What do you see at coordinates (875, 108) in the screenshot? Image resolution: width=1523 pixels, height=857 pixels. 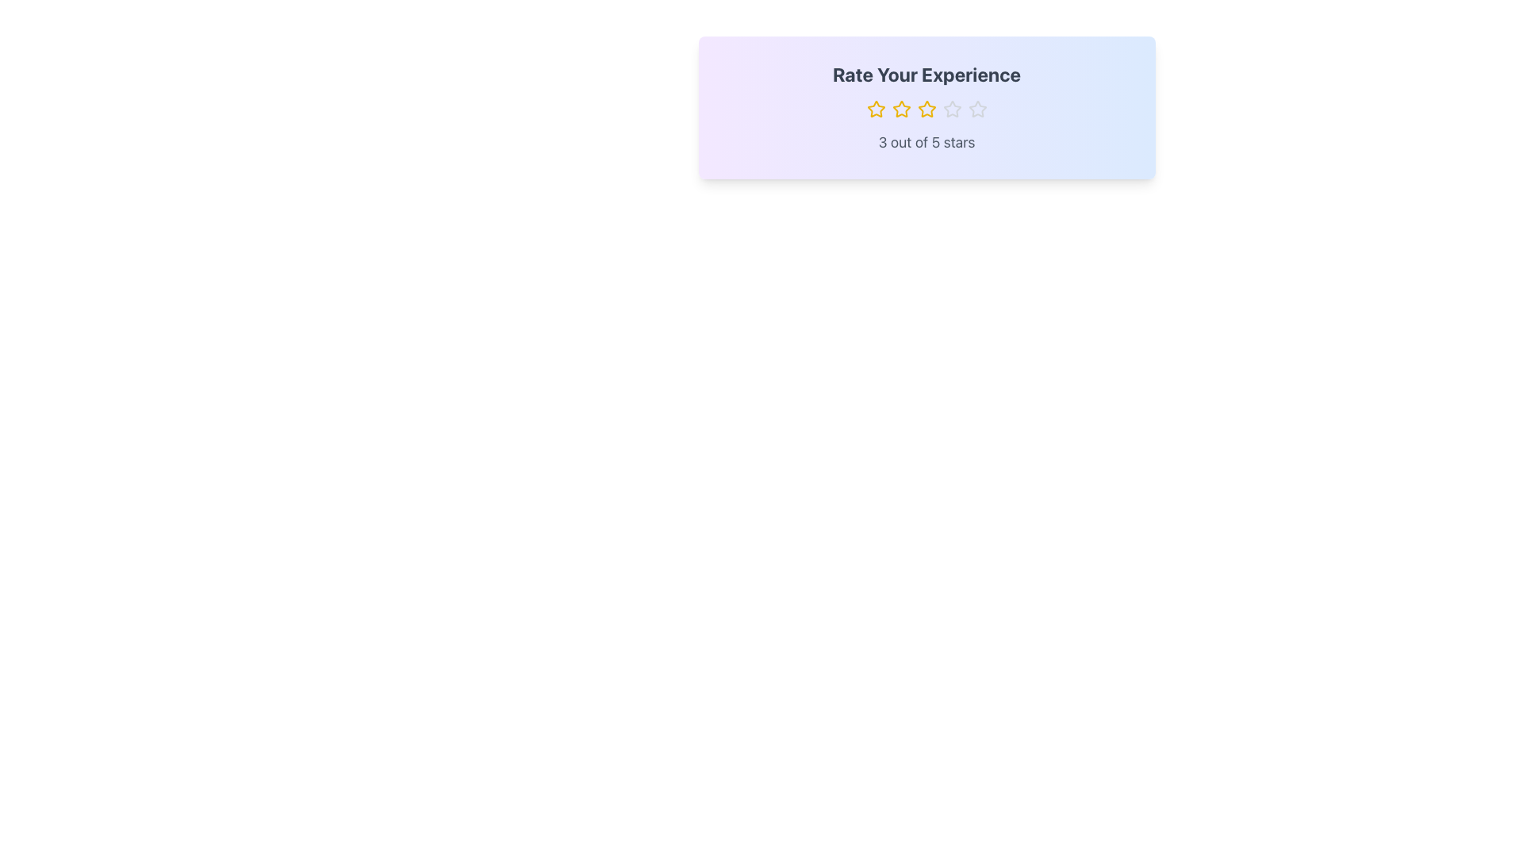 I see `the first star icon in the rating interface` at bounding box center [875, 108].